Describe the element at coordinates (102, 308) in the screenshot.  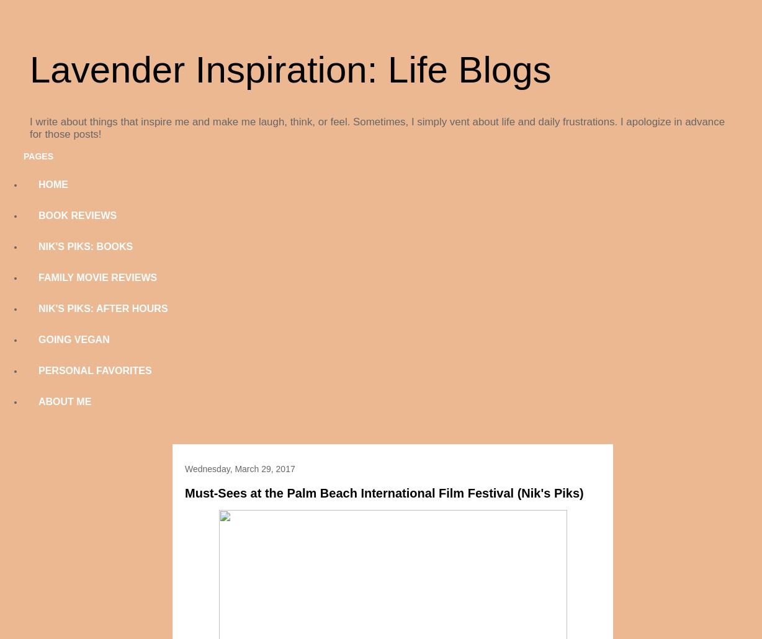
I see `'NIK'S PIKS: AFTER HOURS'` at that location.